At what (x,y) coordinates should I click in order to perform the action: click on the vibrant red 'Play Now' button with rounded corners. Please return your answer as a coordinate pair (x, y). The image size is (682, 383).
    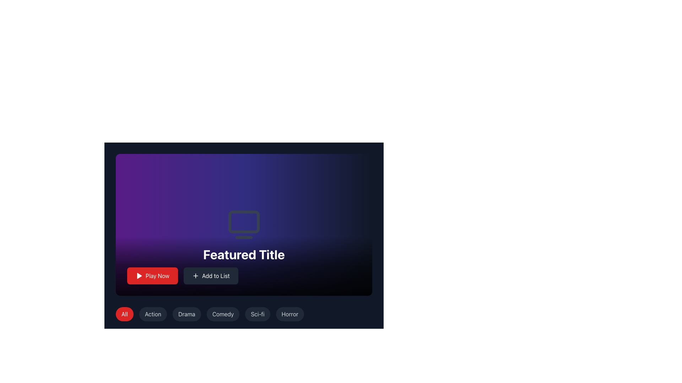
    Looking at the image, I should click on (152, 276).